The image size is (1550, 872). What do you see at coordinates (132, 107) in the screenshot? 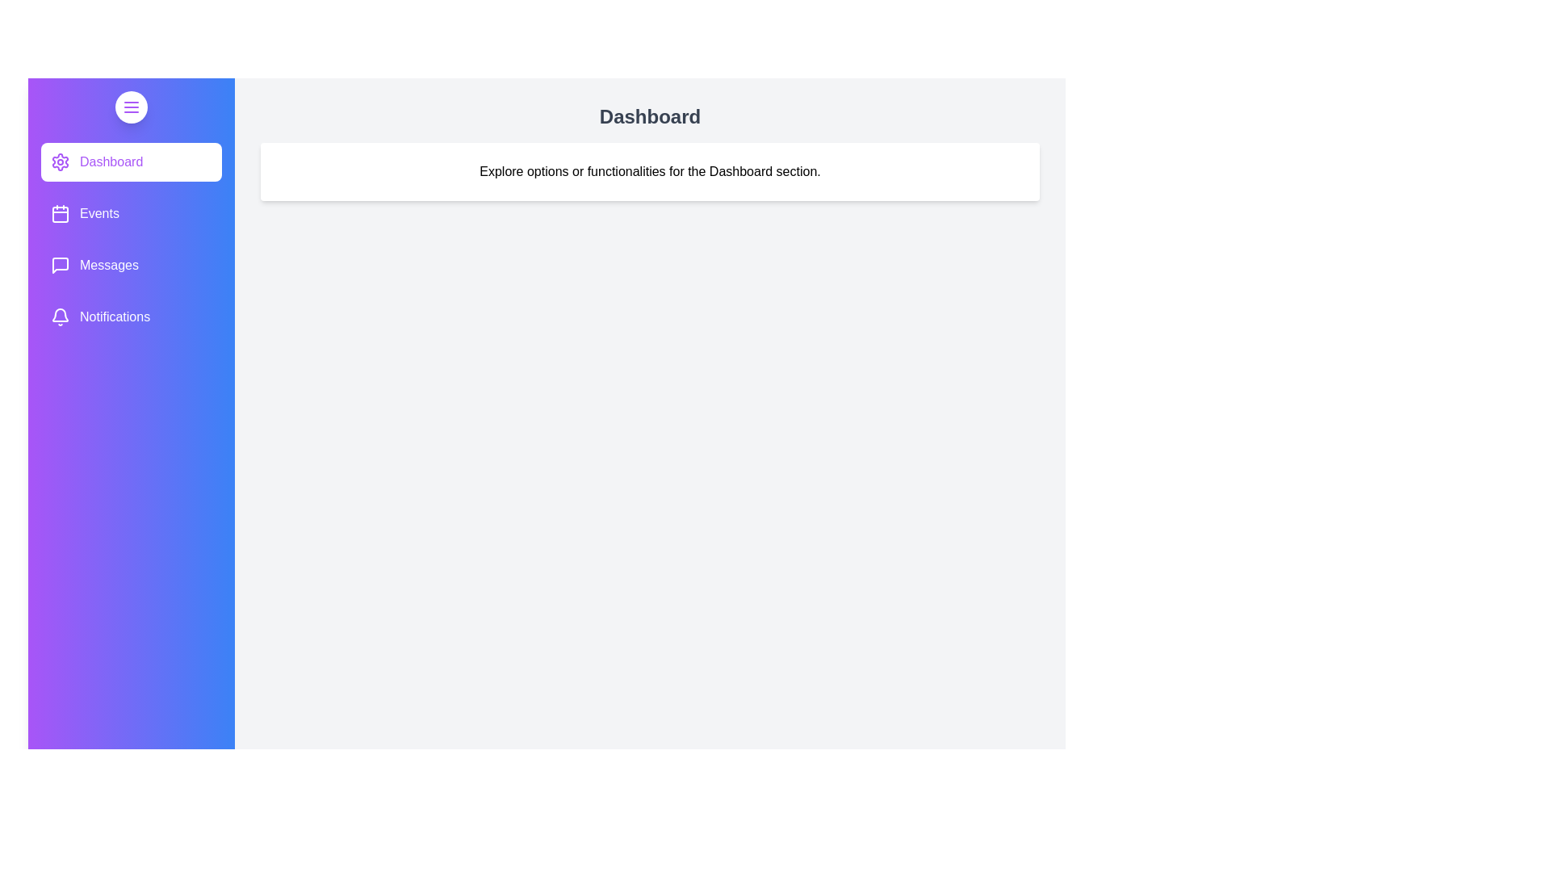
I see `the menu button to toggle the drawer's state` at bounding box center [132, 107].